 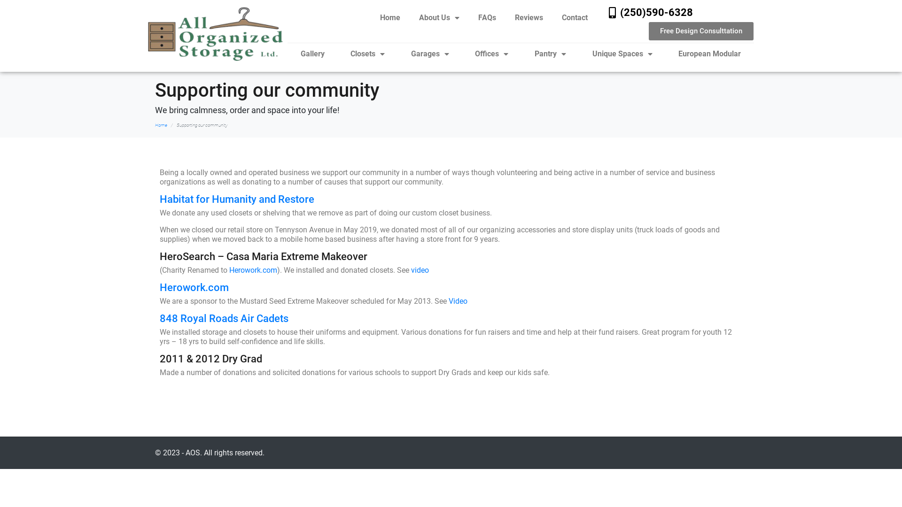 I want to click on 'Herowork.com', so click(x=253, y=270).